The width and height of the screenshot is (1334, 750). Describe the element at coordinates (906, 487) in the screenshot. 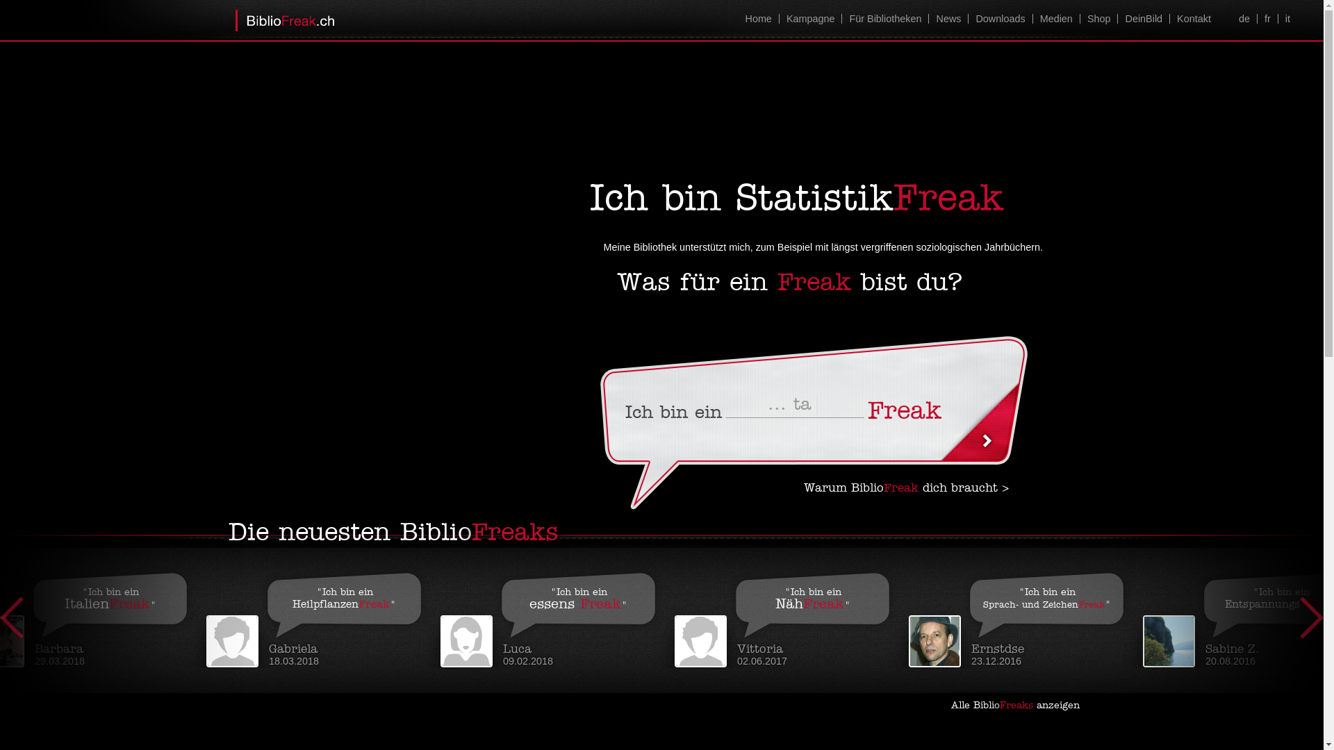

I see `'Warum BiblioFreak dich braucht >'` at that location.